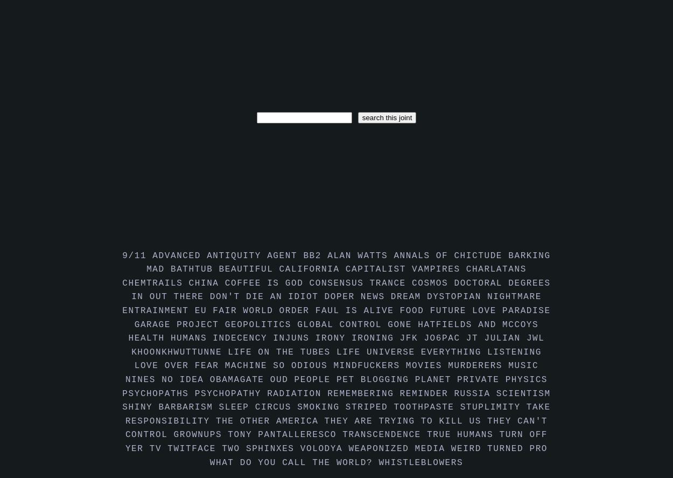  I want to click on 'china', so click(206, 283).